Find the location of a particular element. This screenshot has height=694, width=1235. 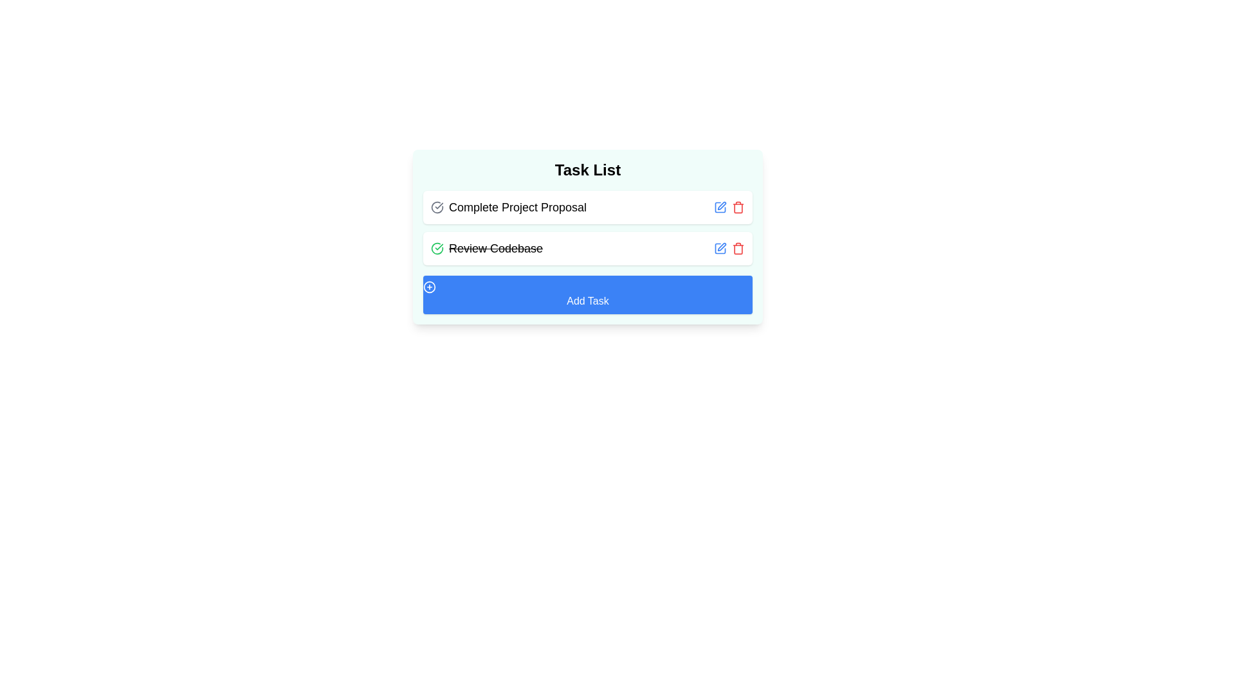

the 'Add Task' button to add a new task is located at coordinates (587, 295).